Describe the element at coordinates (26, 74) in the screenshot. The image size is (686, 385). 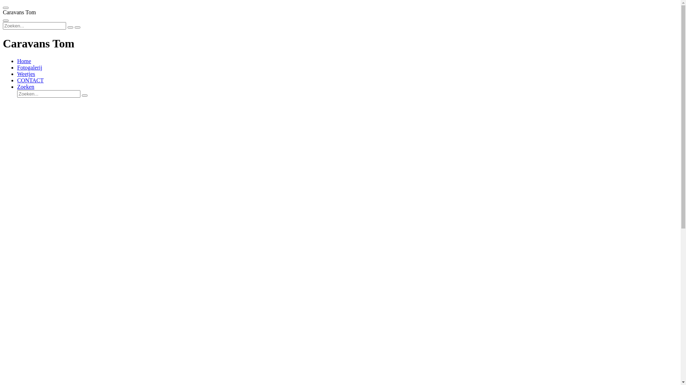
I see `'Weetjes'` at that location.